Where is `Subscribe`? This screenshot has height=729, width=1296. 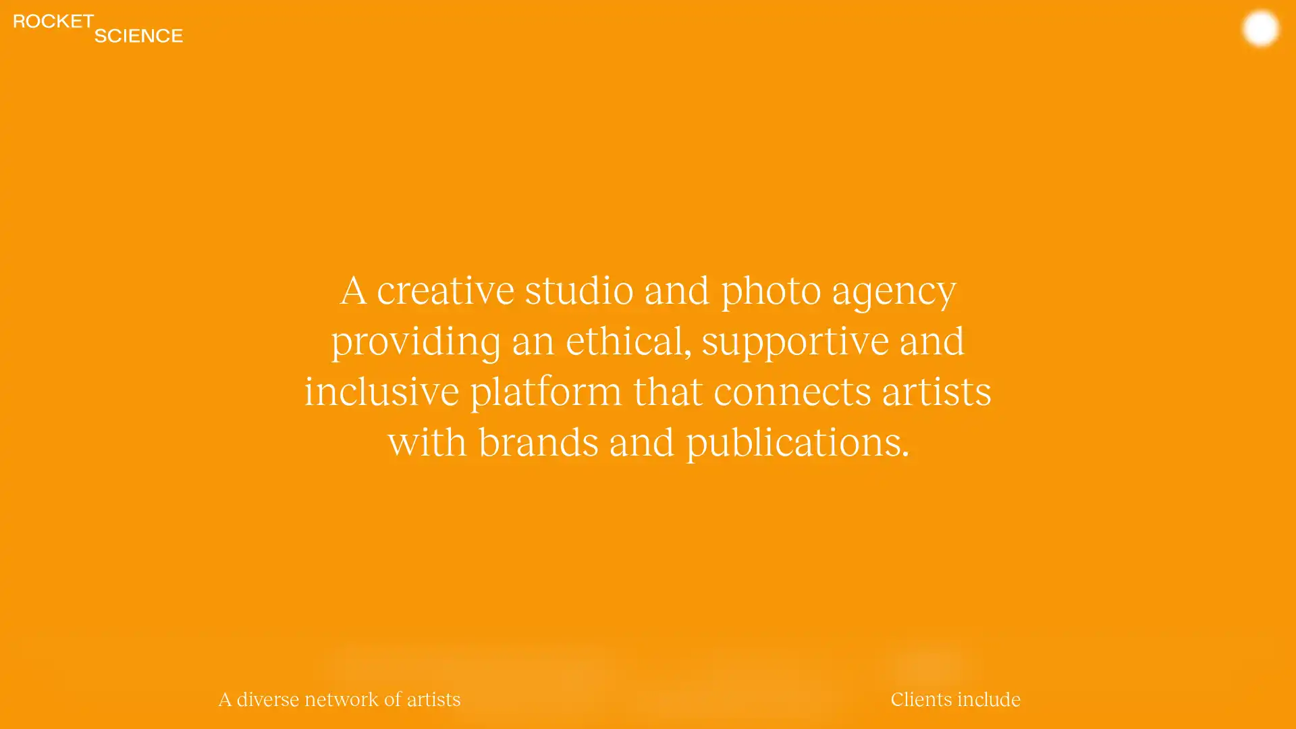 Subscribe is located at coordinates (927, 666).